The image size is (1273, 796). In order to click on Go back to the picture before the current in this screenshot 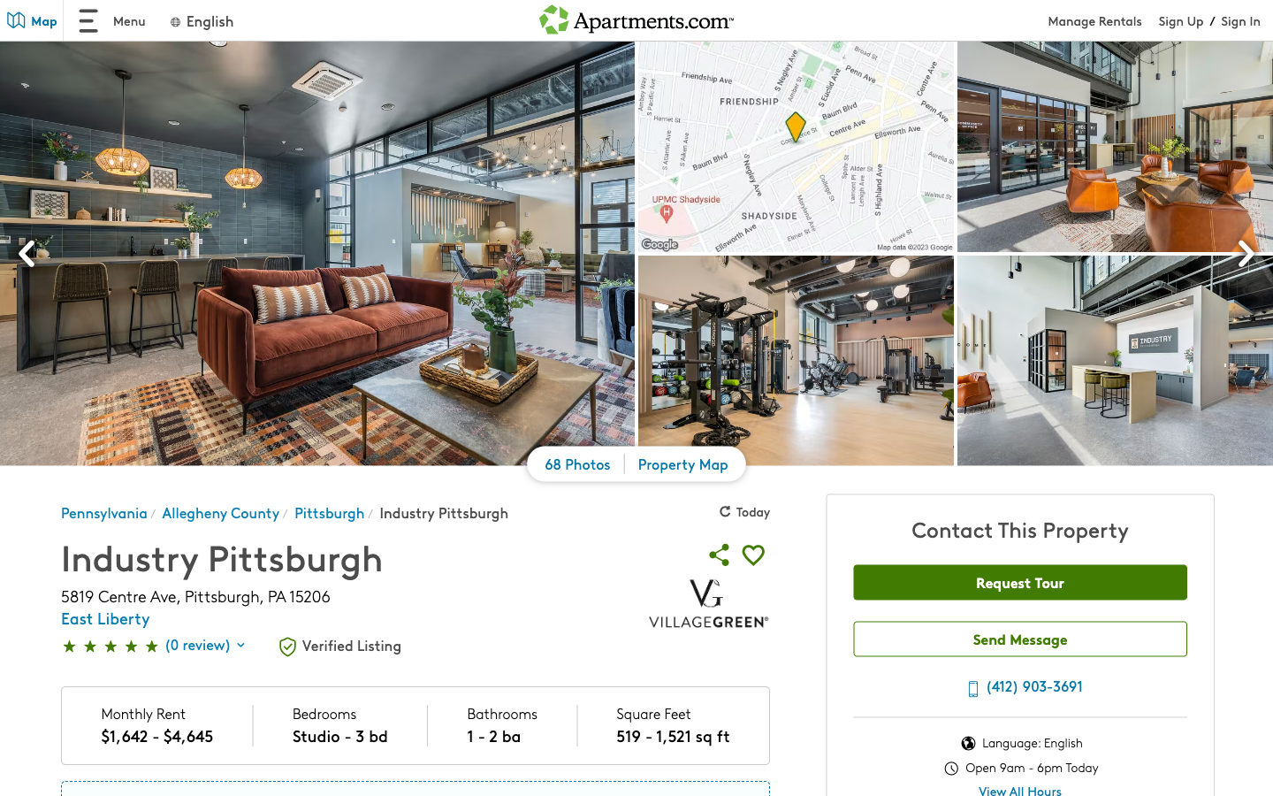, I will do `click(27, 256)`.